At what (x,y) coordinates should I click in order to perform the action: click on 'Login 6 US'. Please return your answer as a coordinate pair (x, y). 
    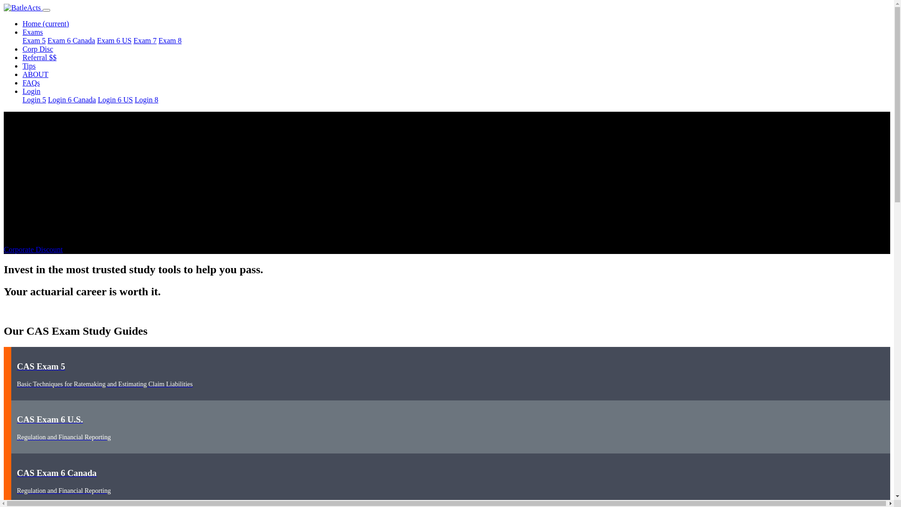
    Looking at the image, I should click on (97, 100).